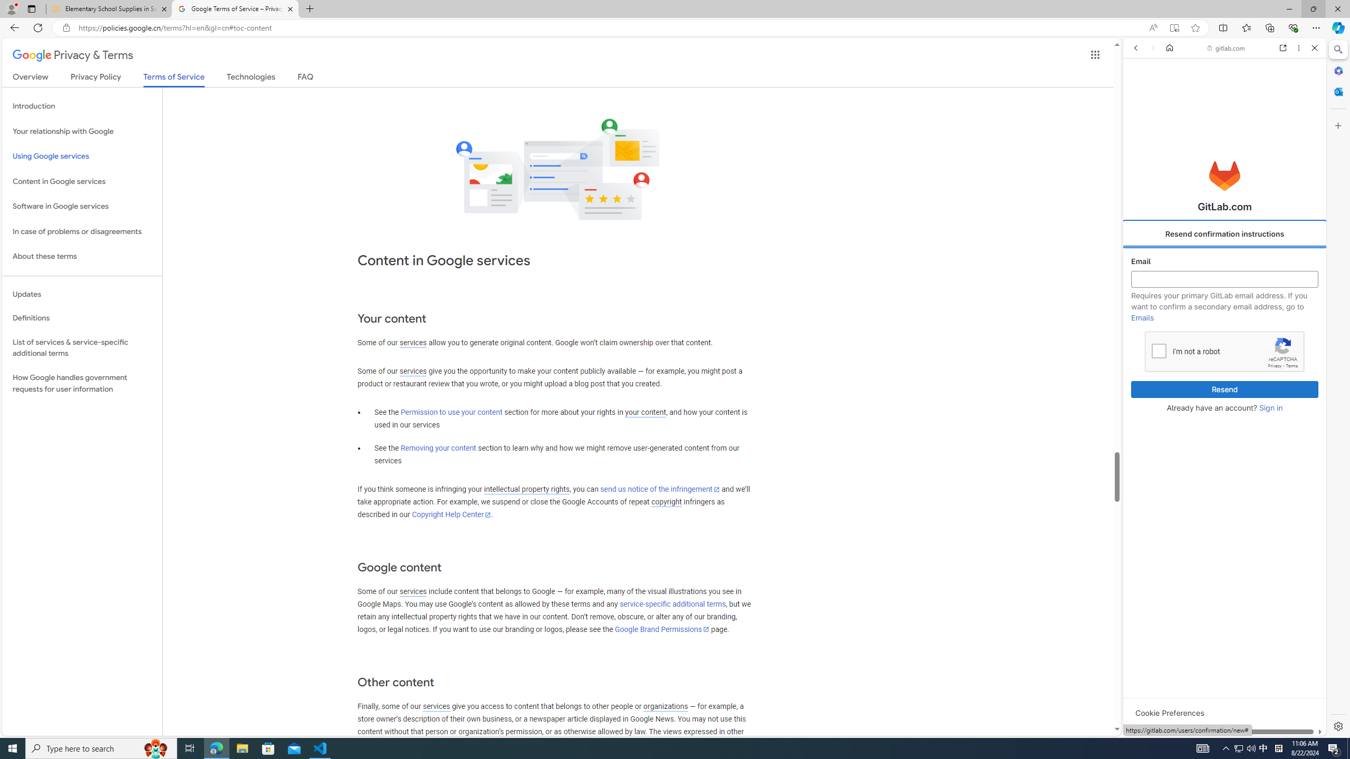 The image size is (1350, 759). I want to click on 'Settings', so click(1337, 725).